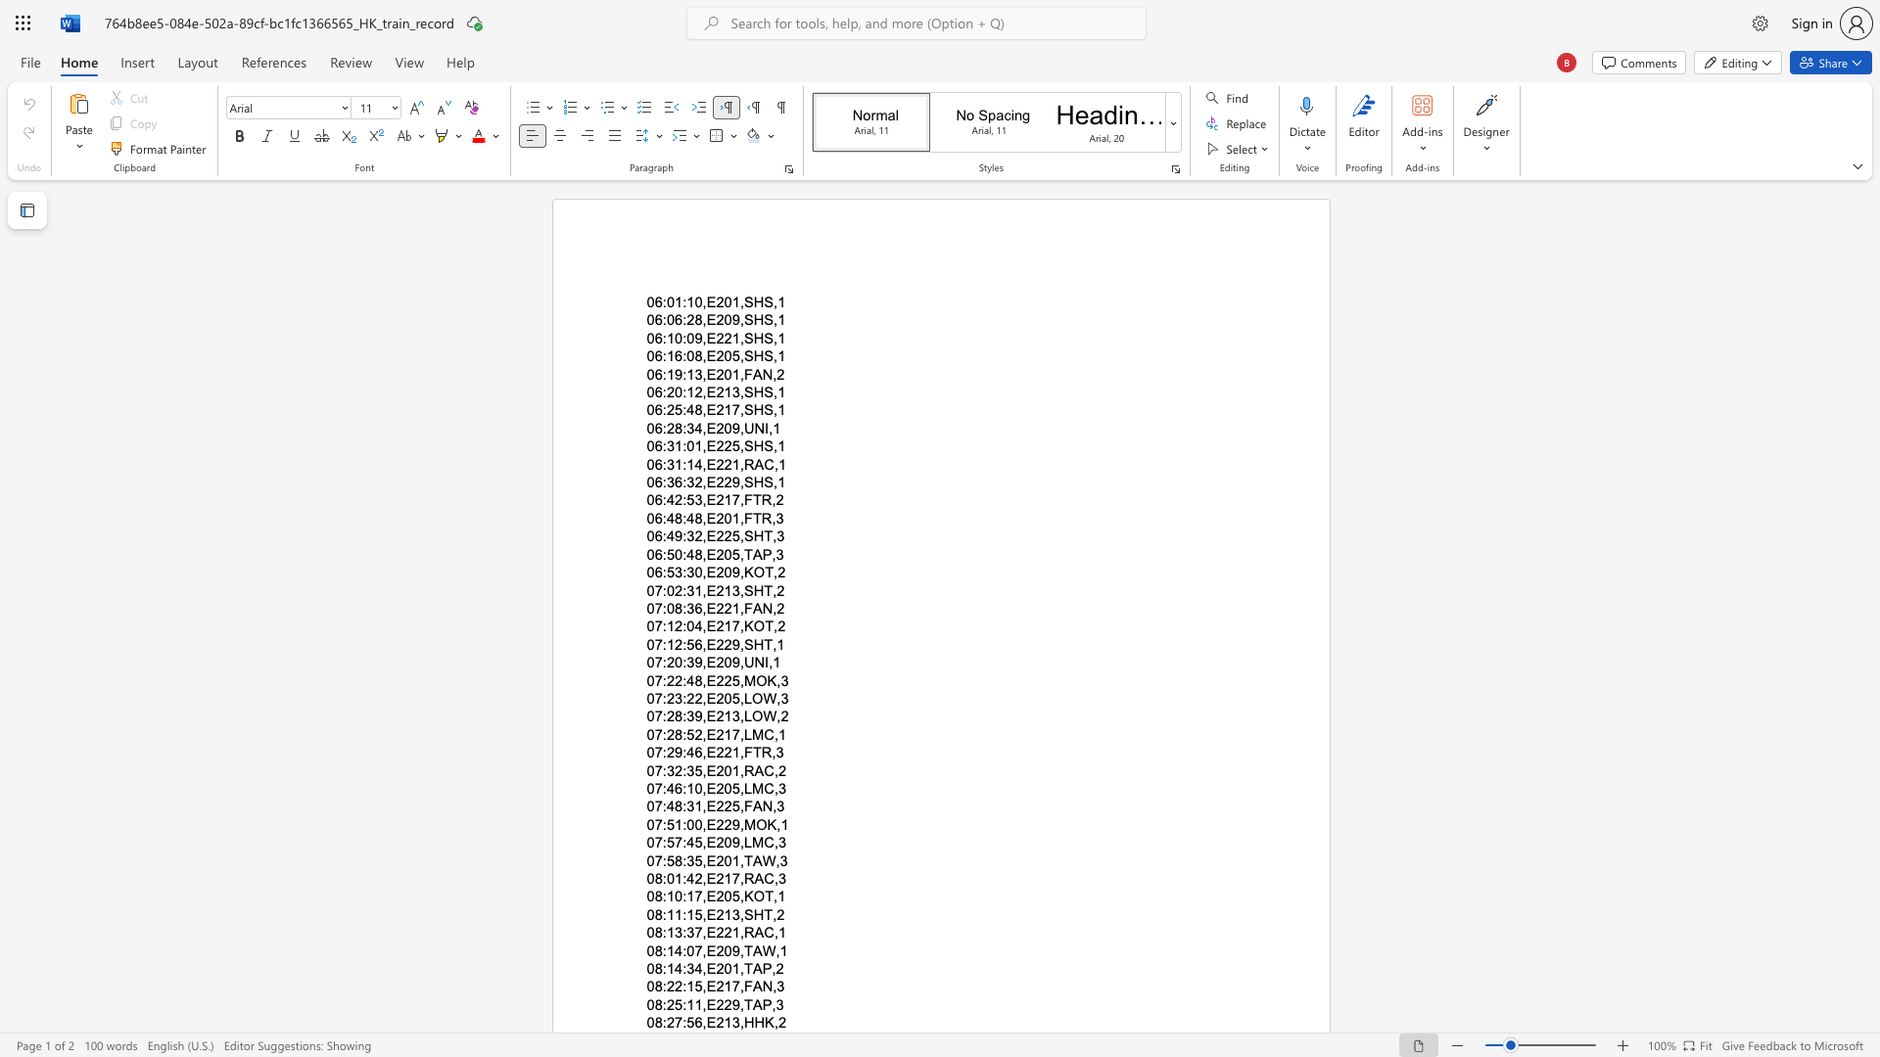 The height and width of the screenshot is (1057, 1880). Describe the element at coordinates (771, 319) in the screenshot. I see `the space between the continuous character "S" and "," in the text` at that location.